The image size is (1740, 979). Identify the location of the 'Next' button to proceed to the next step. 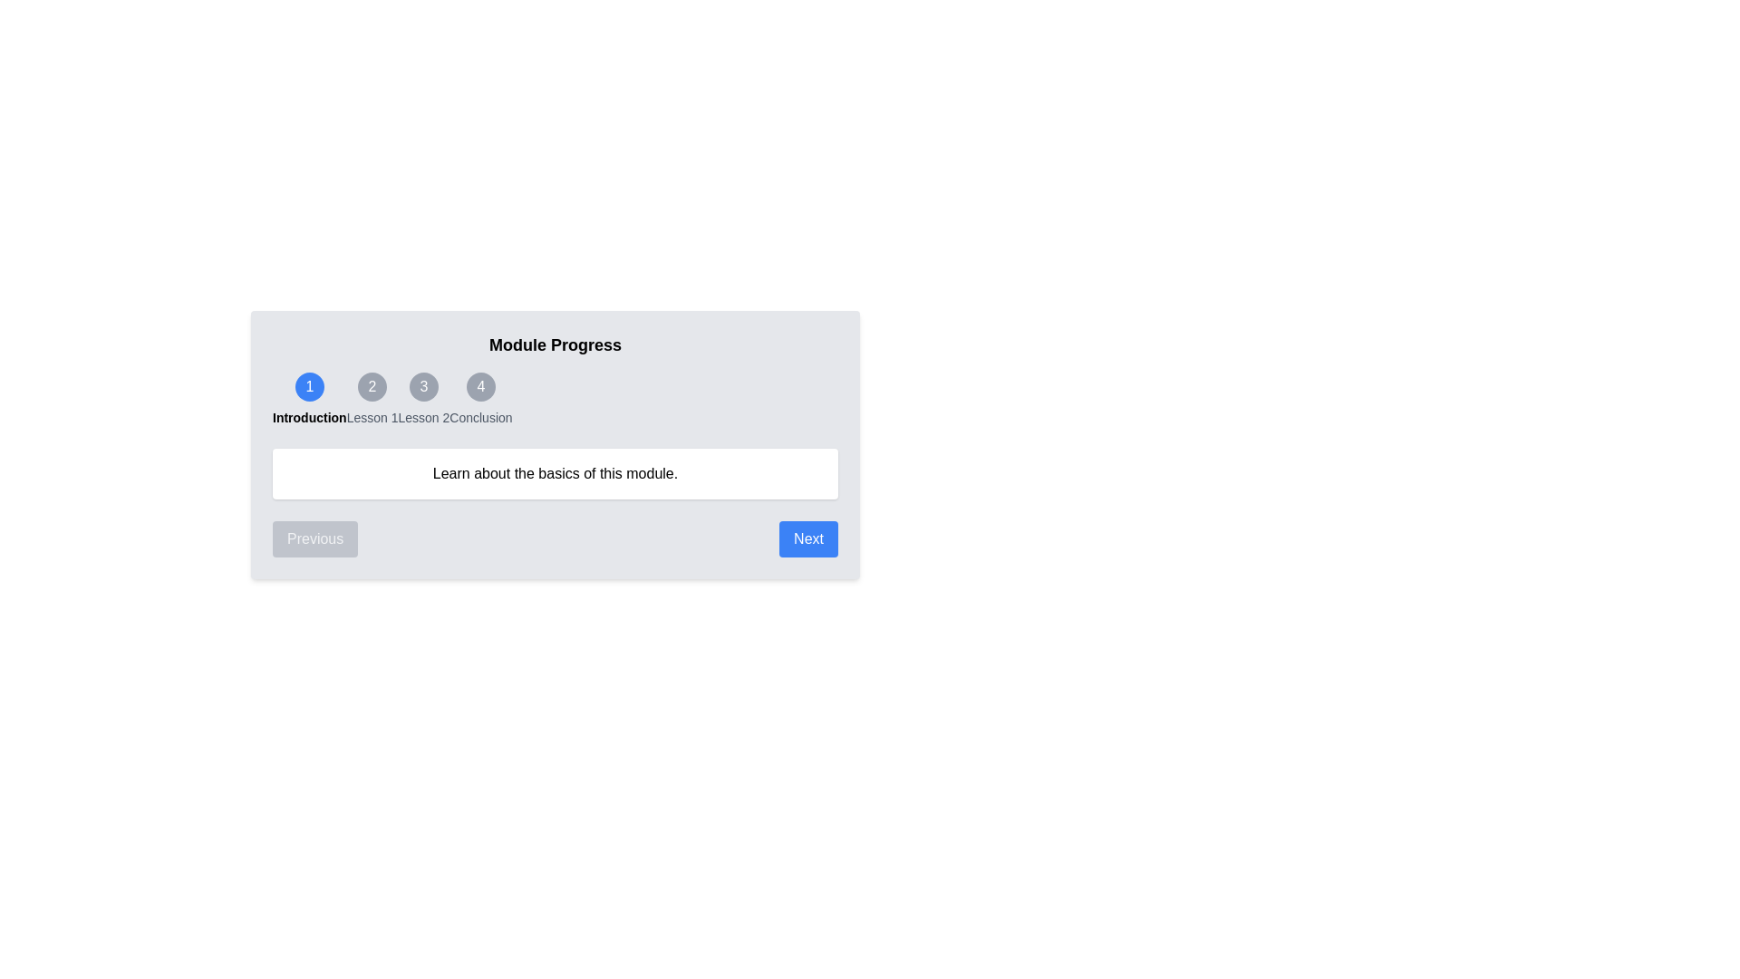
(807, 538).